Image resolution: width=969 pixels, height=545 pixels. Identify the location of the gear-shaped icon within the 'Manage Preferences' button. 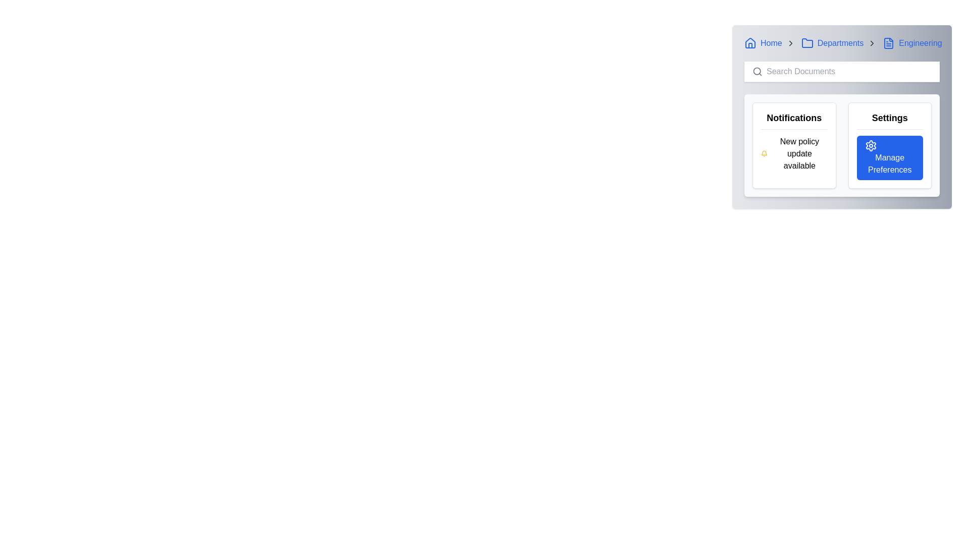
(870, 146).